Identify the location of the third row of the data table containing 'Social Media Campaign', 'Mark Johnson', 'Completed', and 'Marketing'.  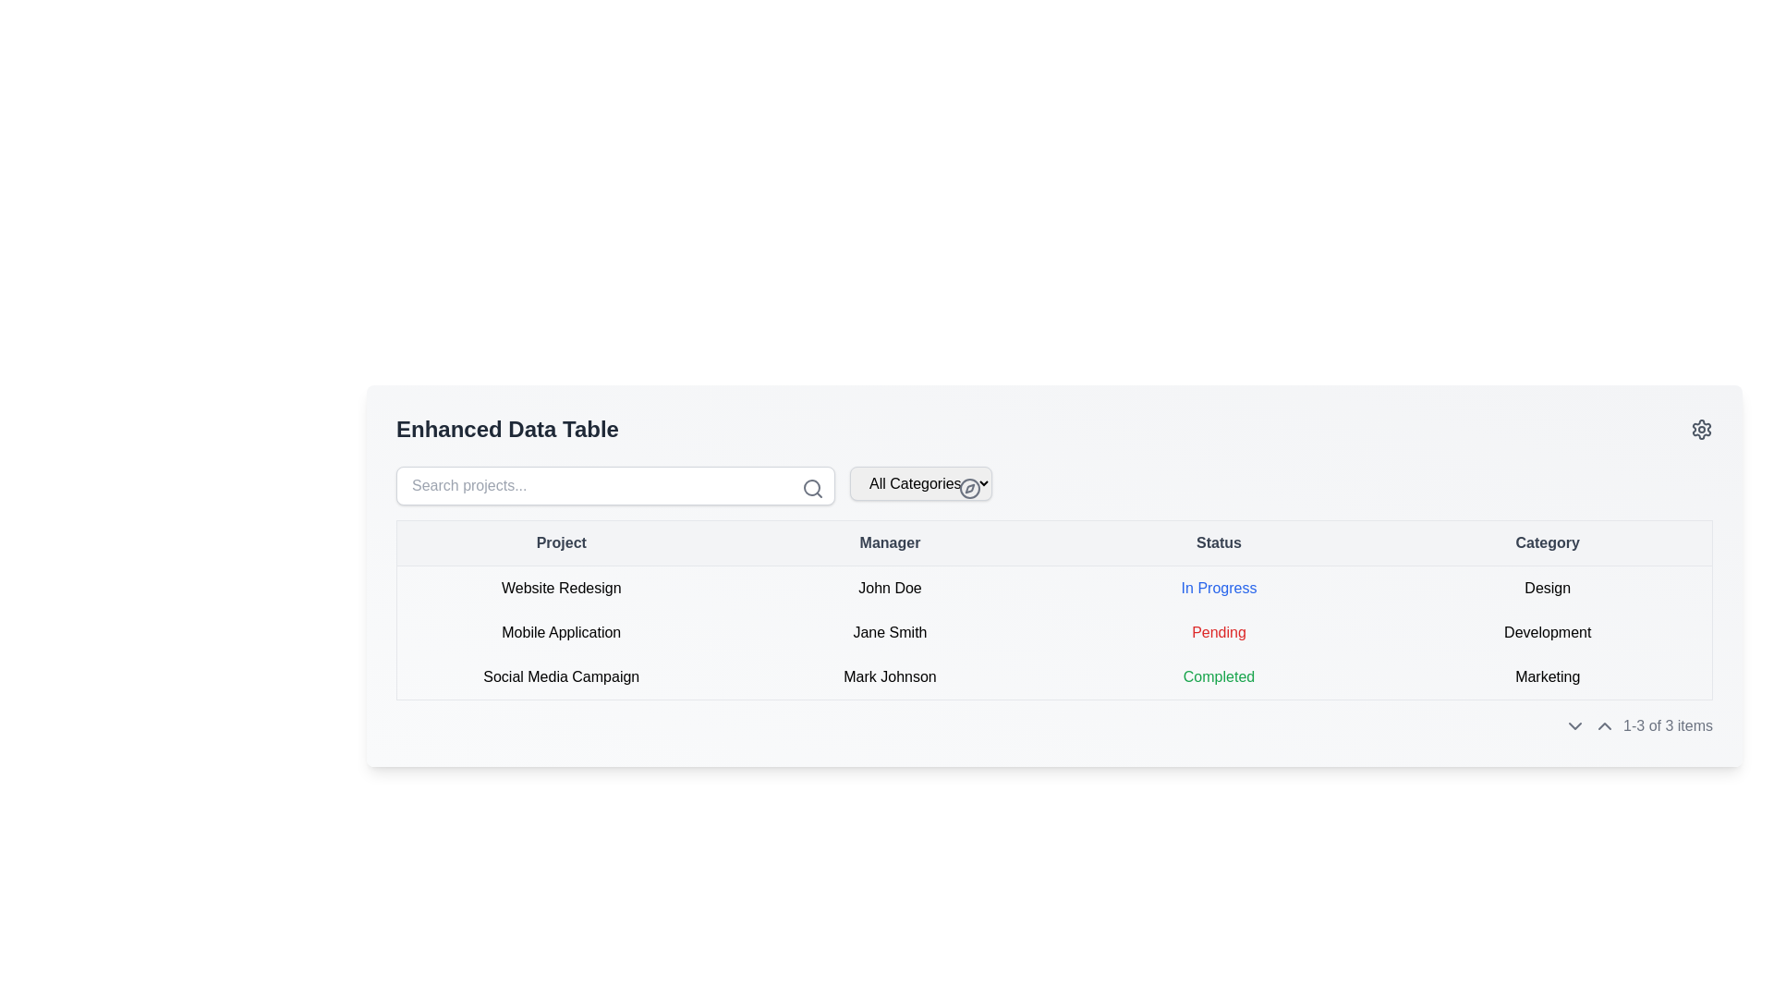
(1054, 677).